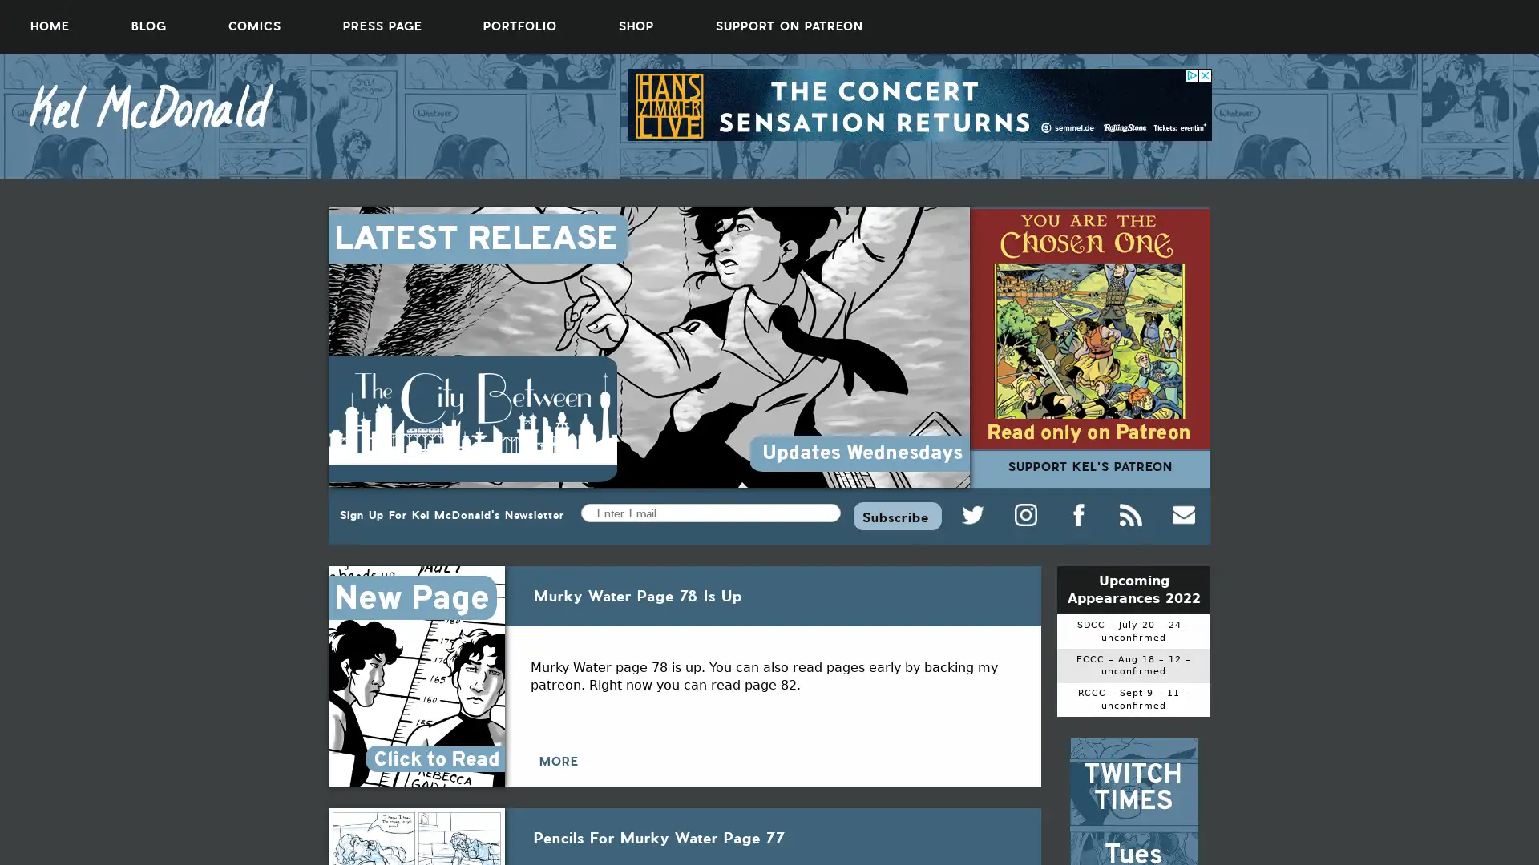  Describe the element at coordinates (896, 515) in the screenshot. I see `Subscribe` at that location.